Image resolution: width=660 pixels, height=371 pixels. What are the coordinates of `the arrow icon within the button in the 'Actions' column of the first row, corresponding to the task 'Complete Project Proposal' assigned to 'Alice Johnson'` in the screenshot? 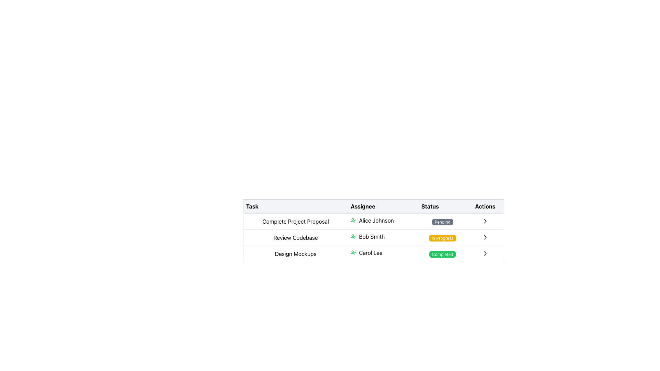 It's located at (485, 221).